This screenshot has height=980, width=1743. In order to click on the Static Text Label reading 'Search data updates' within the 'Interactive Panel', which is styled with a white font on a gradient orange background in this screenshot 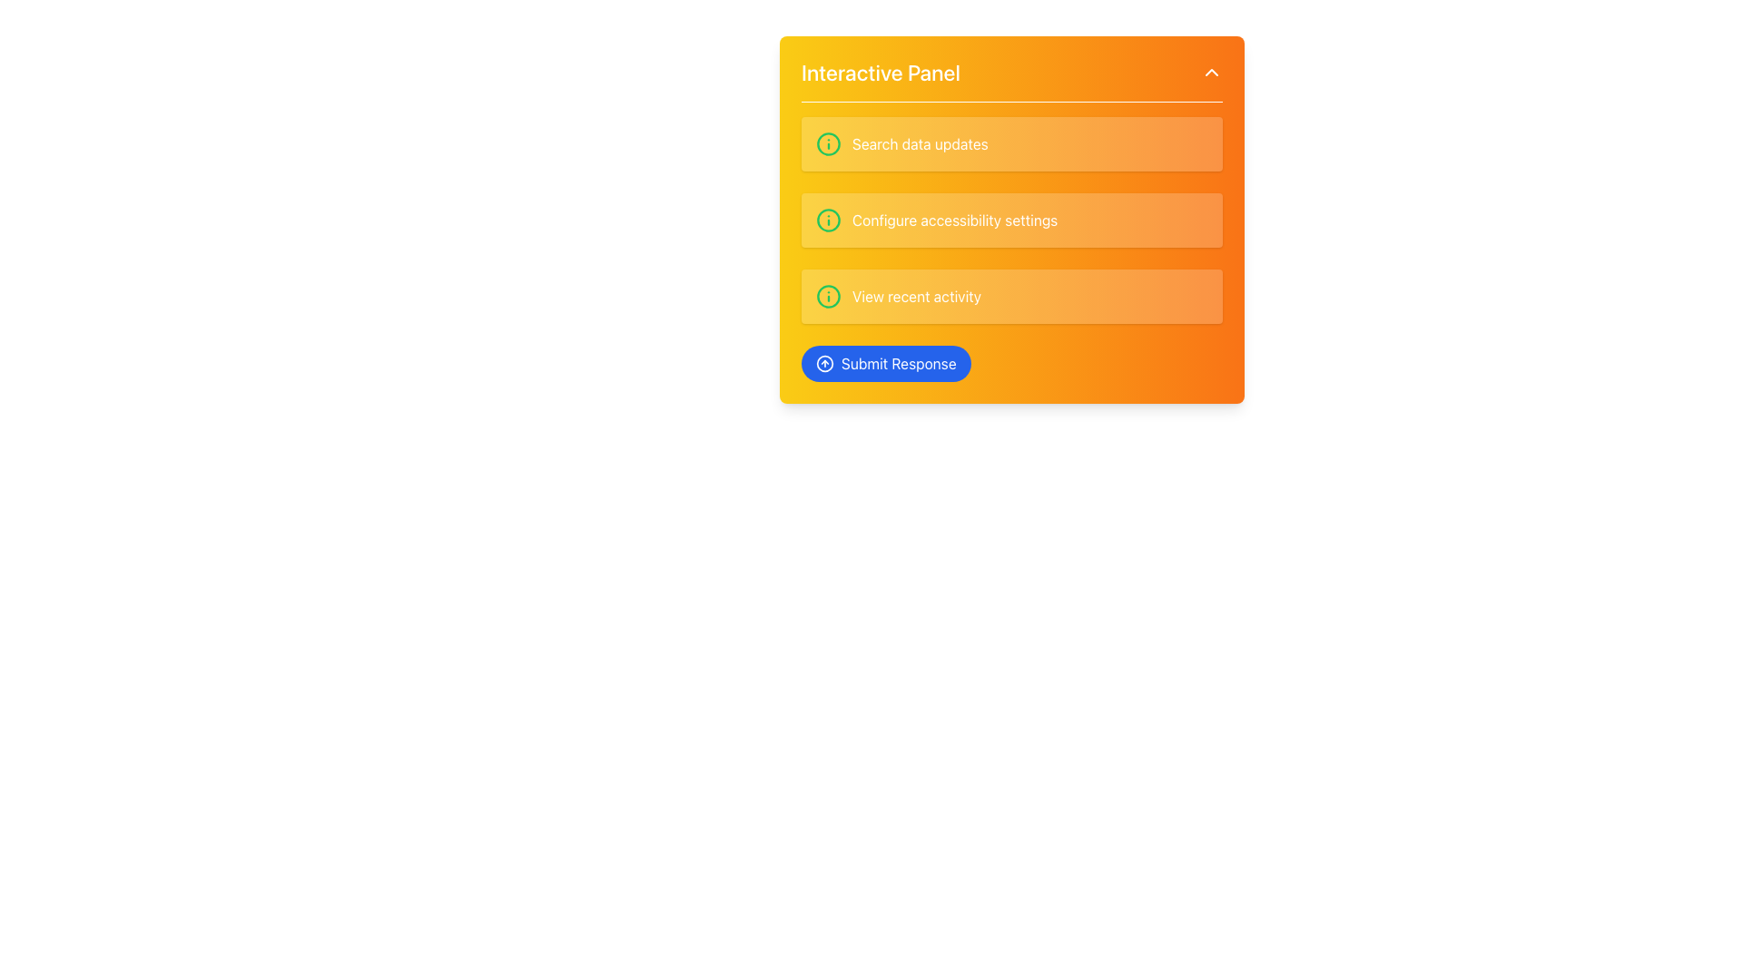, I will do `click(920, 142)`.